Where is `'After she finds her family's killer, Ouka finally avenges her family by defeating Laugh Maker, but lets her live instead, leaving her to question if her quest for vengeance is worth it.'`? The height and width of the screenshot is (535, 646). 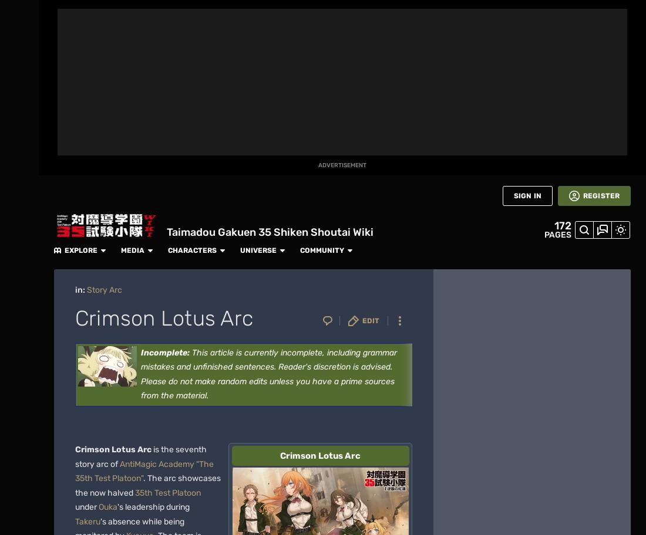
'After she finds her family's killer, Ouka finally avenges her family by defeating Laugh Maker, but lets her live instead, leaving her to question if her quest for vengeance is worth it.' is located at coordinates (259, 201).